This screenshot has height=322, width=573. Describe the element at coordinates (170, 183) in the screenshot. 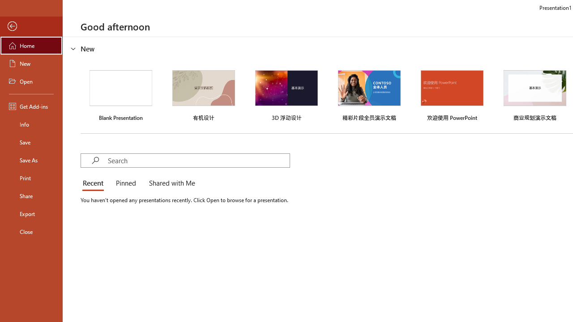

I see `'Shared with Me'` at that location.